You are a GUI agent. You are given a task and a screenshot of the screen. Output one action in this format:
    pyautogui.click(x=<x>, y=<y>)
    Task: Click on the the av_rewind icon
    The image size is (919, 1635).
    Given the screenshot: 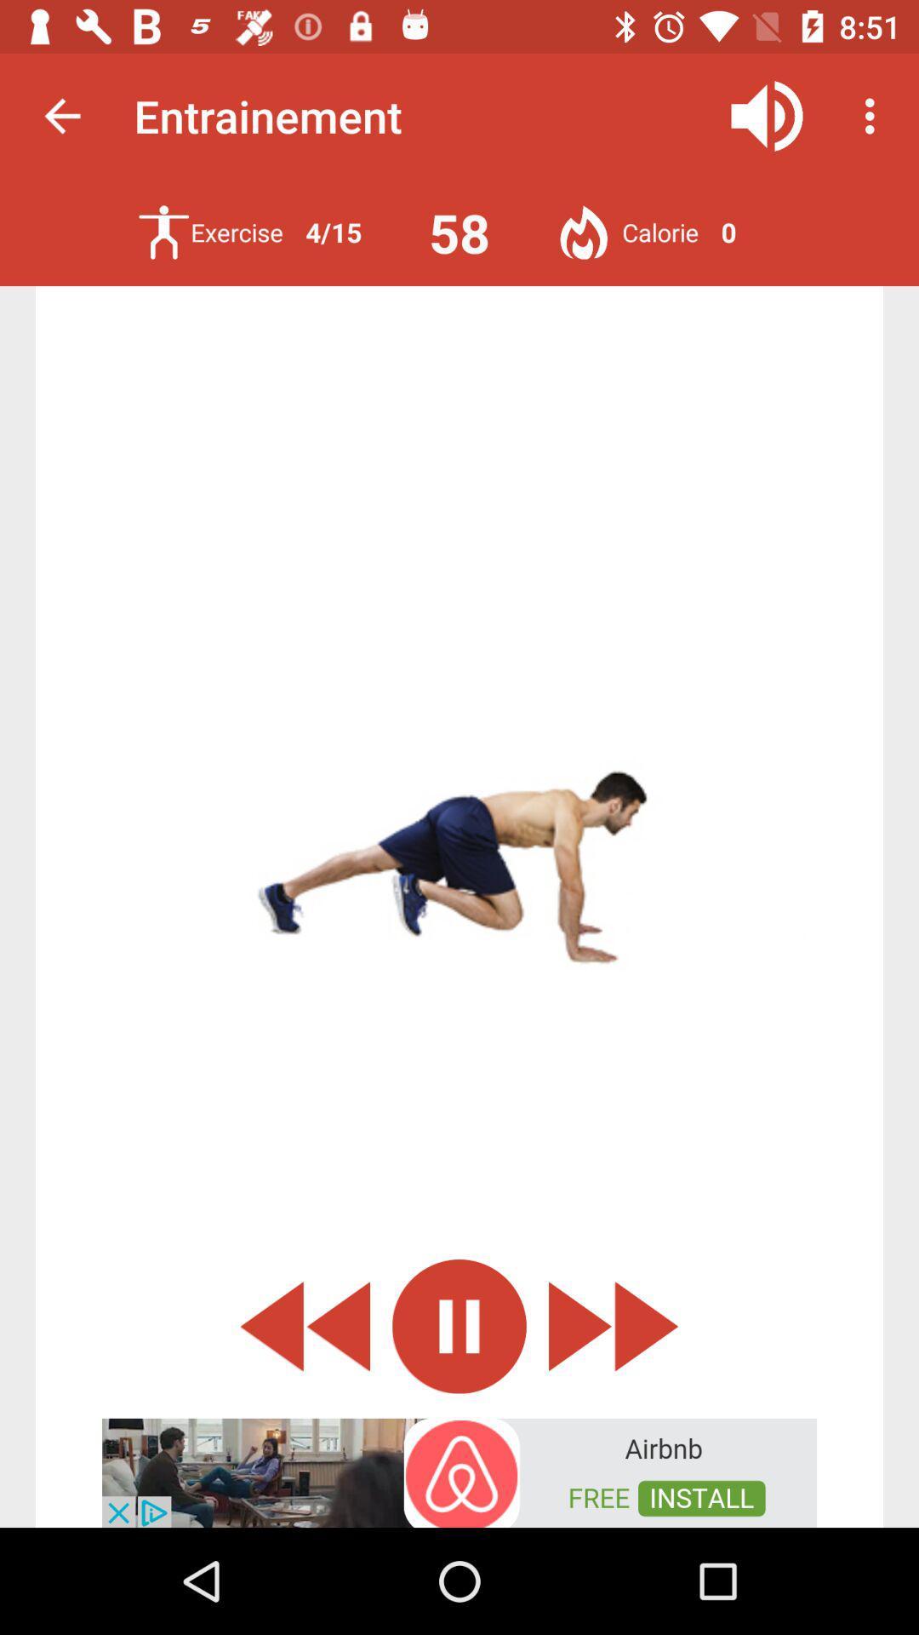 What is the action you would take?
    pyautogui.click(x=304, y=1325)
    